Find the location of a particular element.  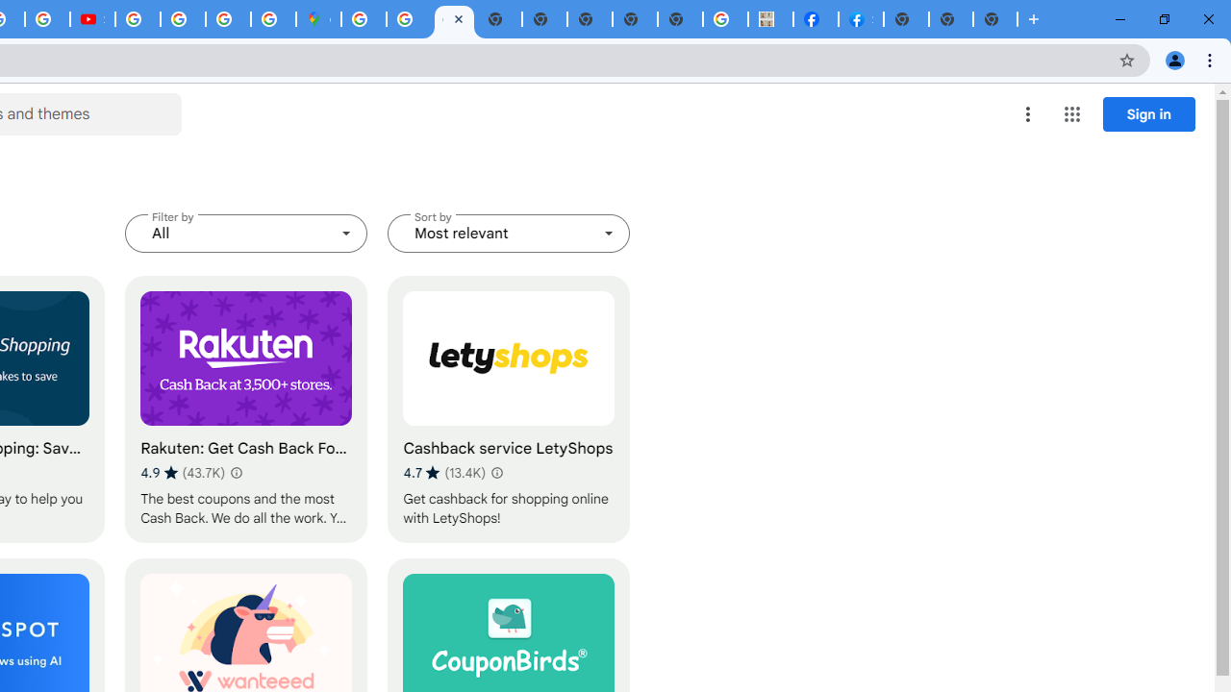

'Miley Cyrus | Facebook' is located at coordinates (816, 19).